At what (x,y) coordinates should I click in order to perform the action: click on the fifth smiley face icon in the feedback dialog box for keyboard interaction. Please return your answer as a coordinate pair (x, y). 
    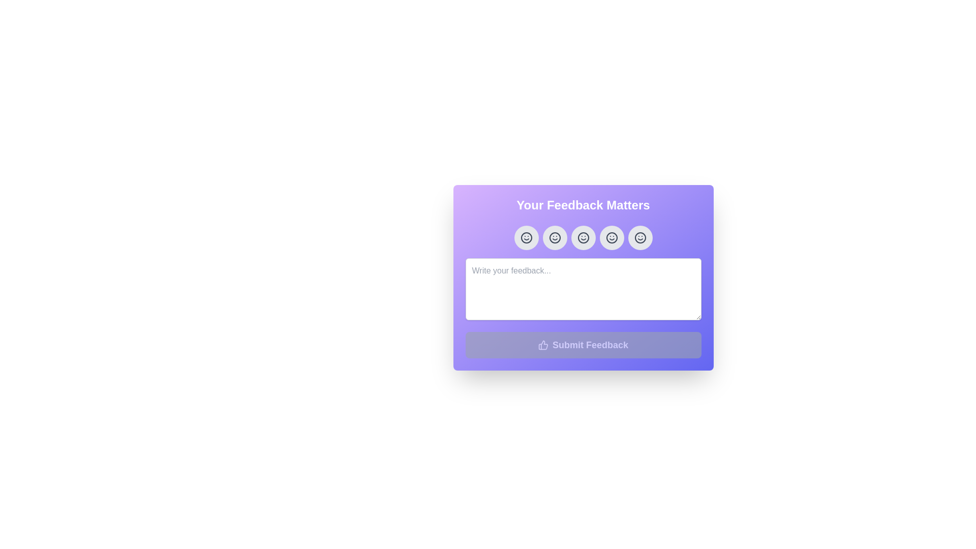
    Looking at the image, I should click on (639, 237).